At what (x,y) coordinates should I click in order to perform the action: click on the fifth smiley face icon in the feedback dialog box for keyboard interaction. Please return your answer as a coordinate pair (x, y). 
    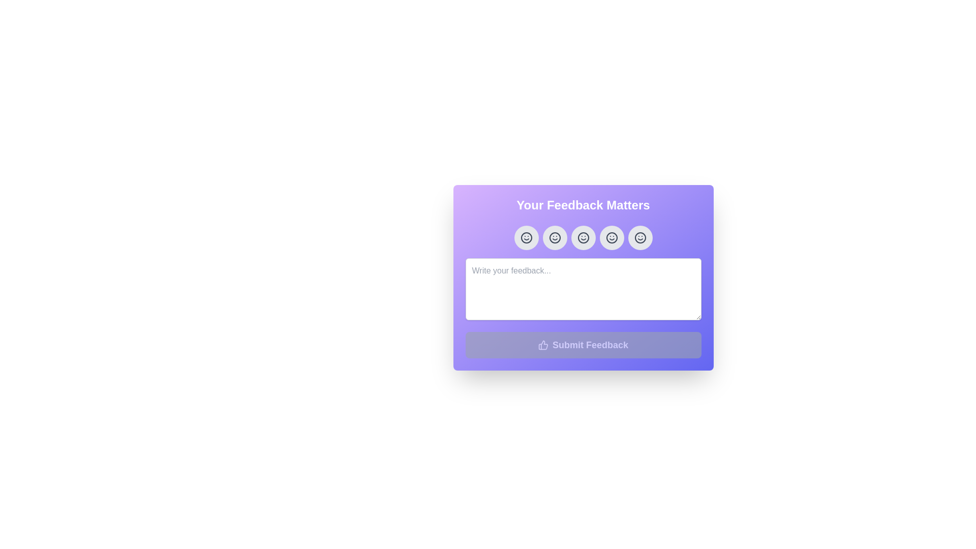
    Looking at the image, I should click on (639, 237).